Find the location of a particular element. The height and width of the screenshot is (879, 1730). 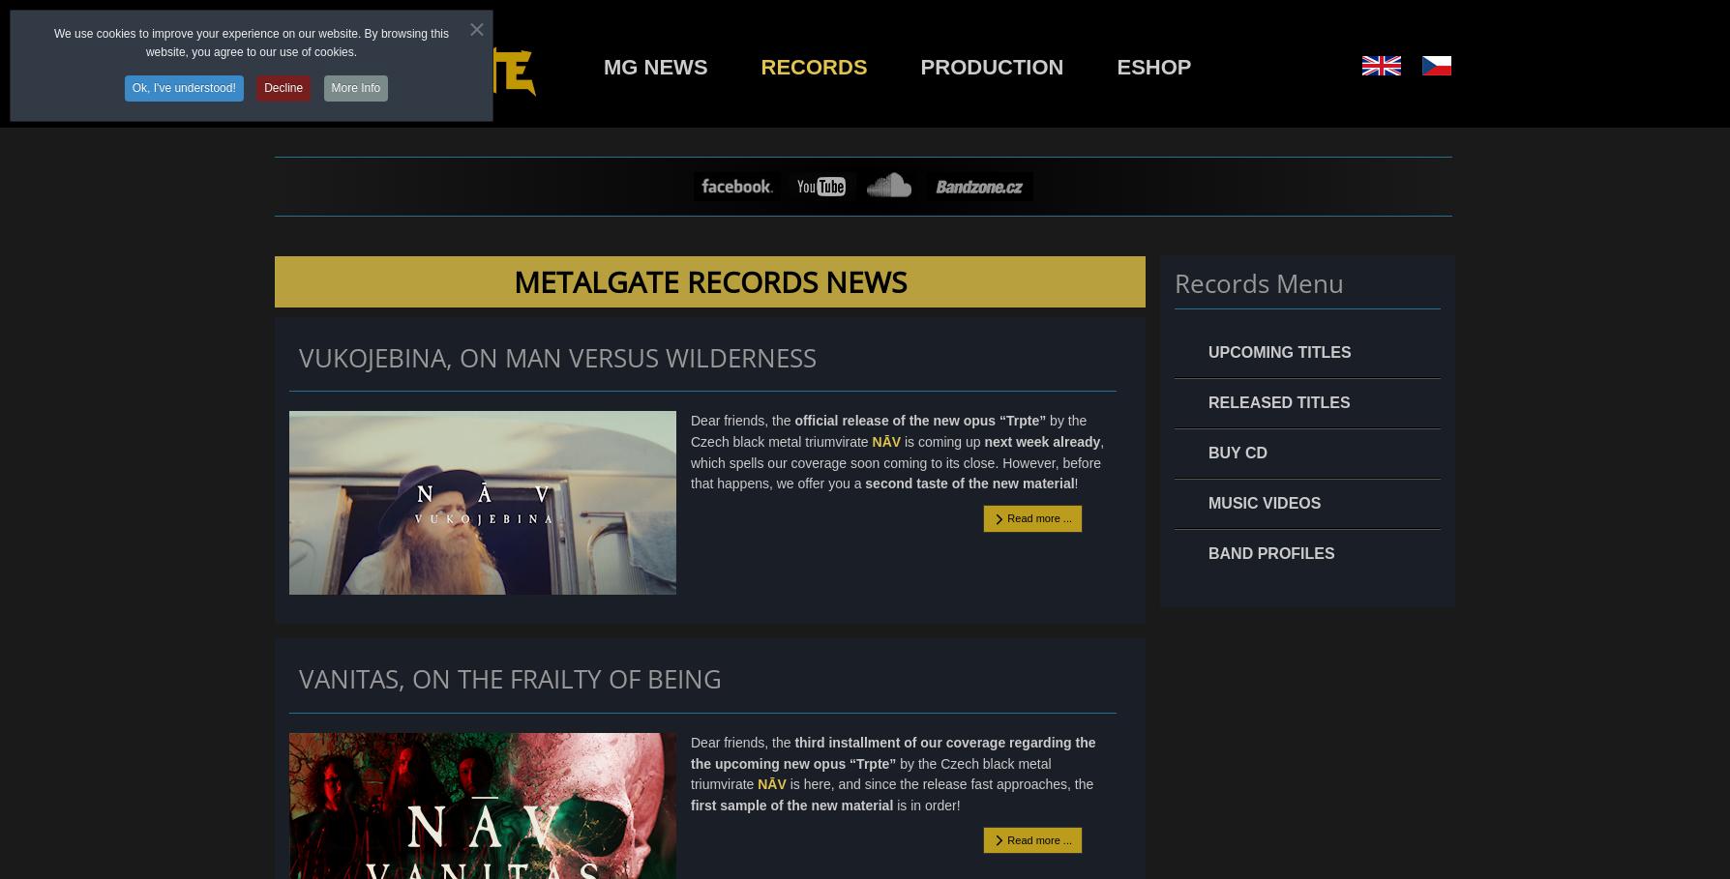

'Production' is located at coordinates (992, 67).